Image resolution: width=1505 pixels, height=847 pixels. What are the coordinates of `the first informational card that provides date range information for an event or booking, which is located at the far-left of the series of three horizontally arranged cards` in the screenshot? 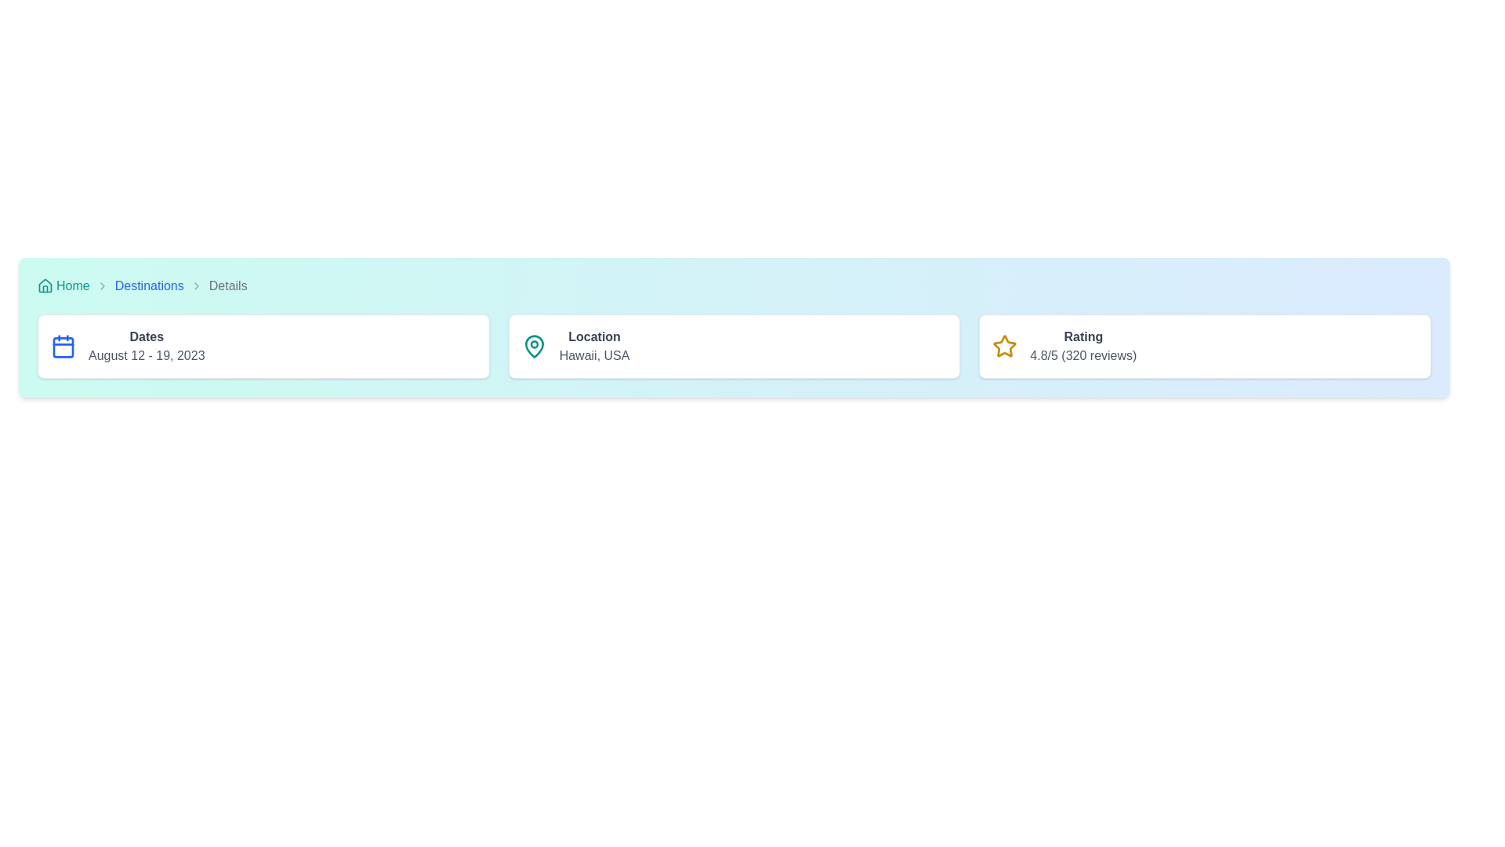 It's located at (263, 346).